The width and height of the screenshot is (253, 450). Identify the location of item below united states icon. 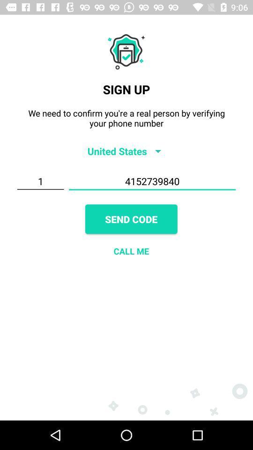
(152, 181).